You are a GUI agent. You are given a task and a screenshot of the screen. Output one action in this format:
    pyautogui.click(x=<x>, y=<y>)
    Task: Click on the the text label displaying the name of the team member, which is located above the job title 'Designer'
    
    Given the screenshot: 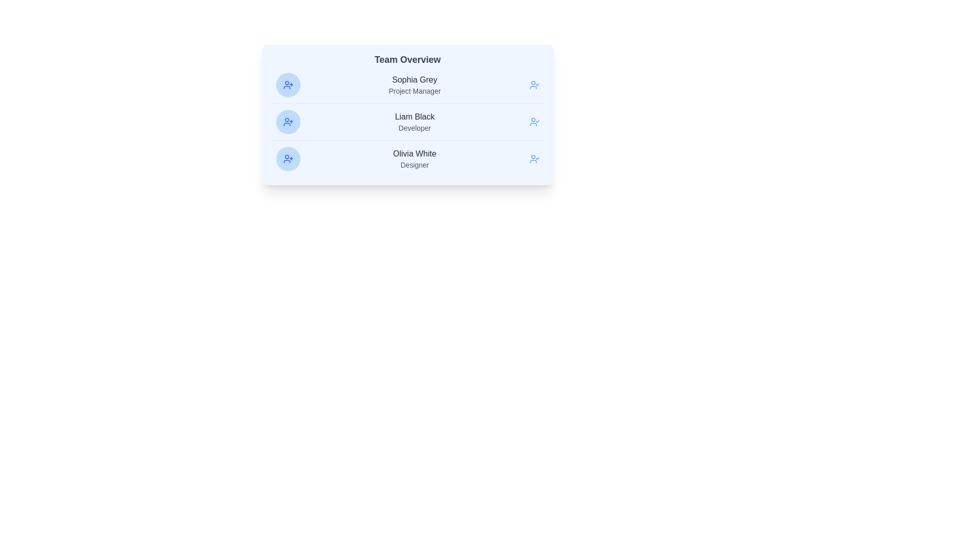 What is the action you would take?
    pyautogui.click(x=415, y=154)
    